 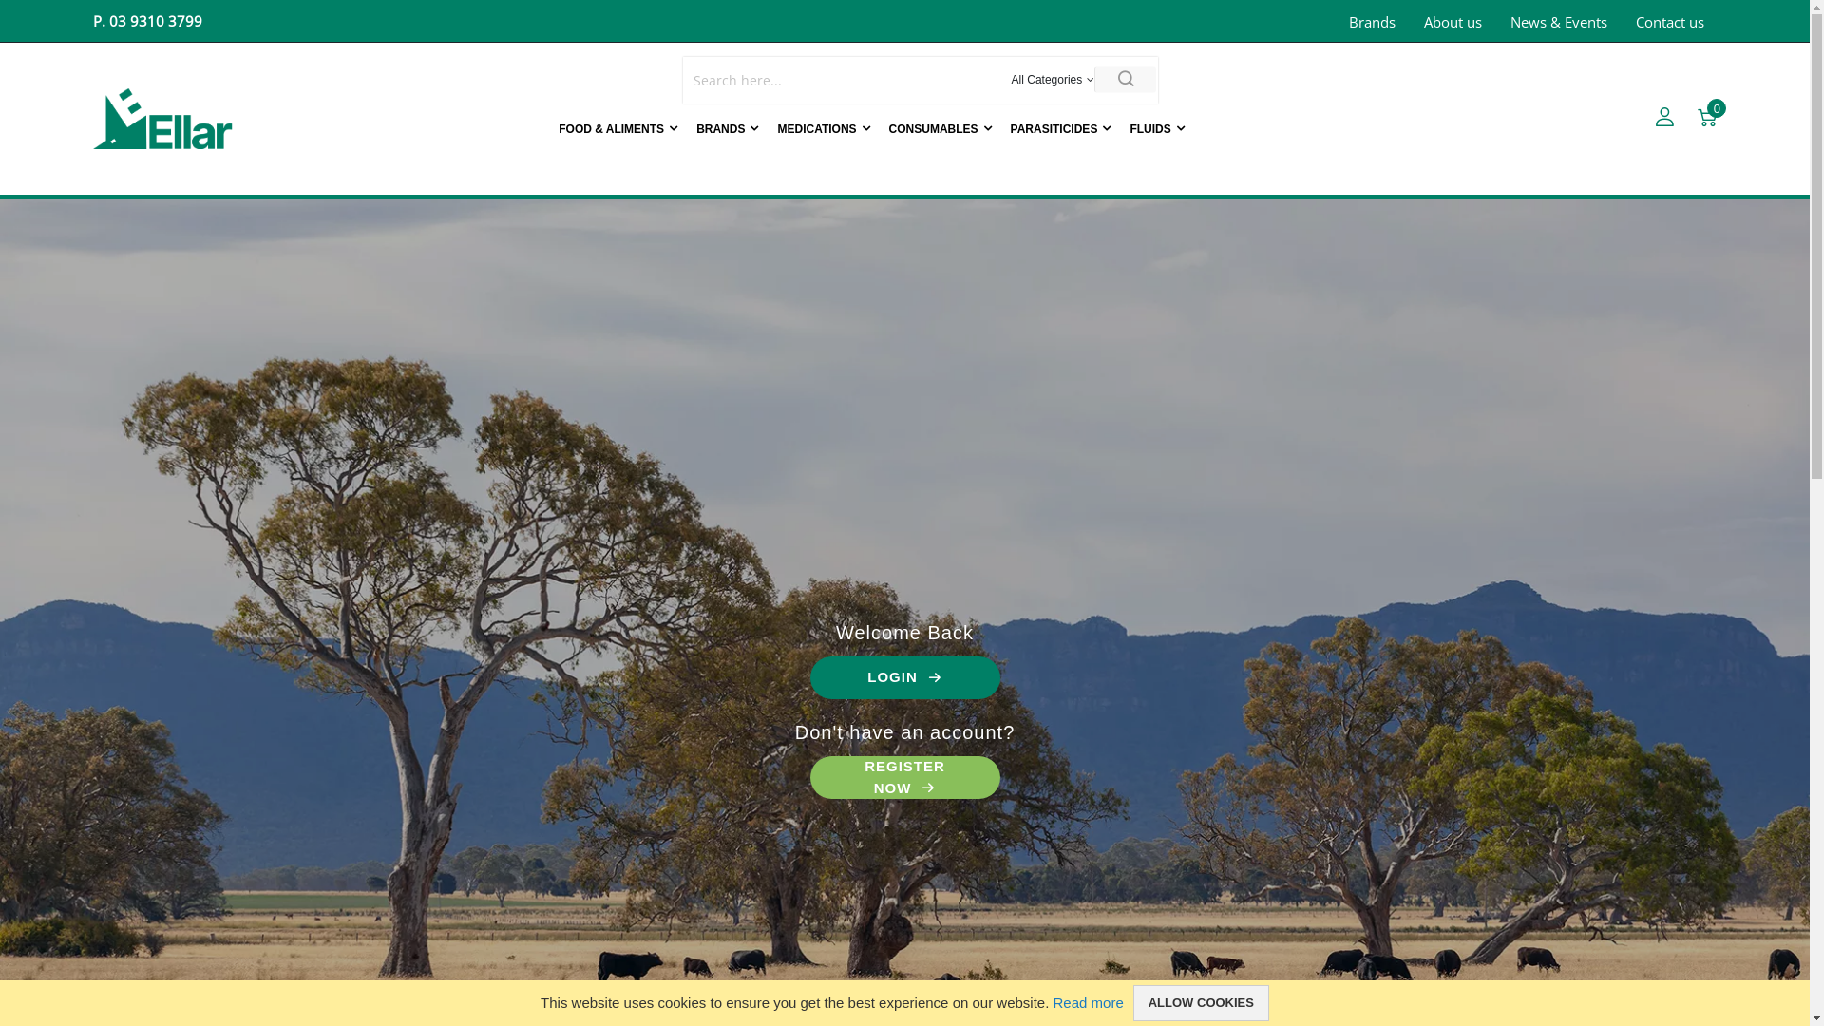 I want to click on 'Ellar Laboratories', so click(x=163, y=118).